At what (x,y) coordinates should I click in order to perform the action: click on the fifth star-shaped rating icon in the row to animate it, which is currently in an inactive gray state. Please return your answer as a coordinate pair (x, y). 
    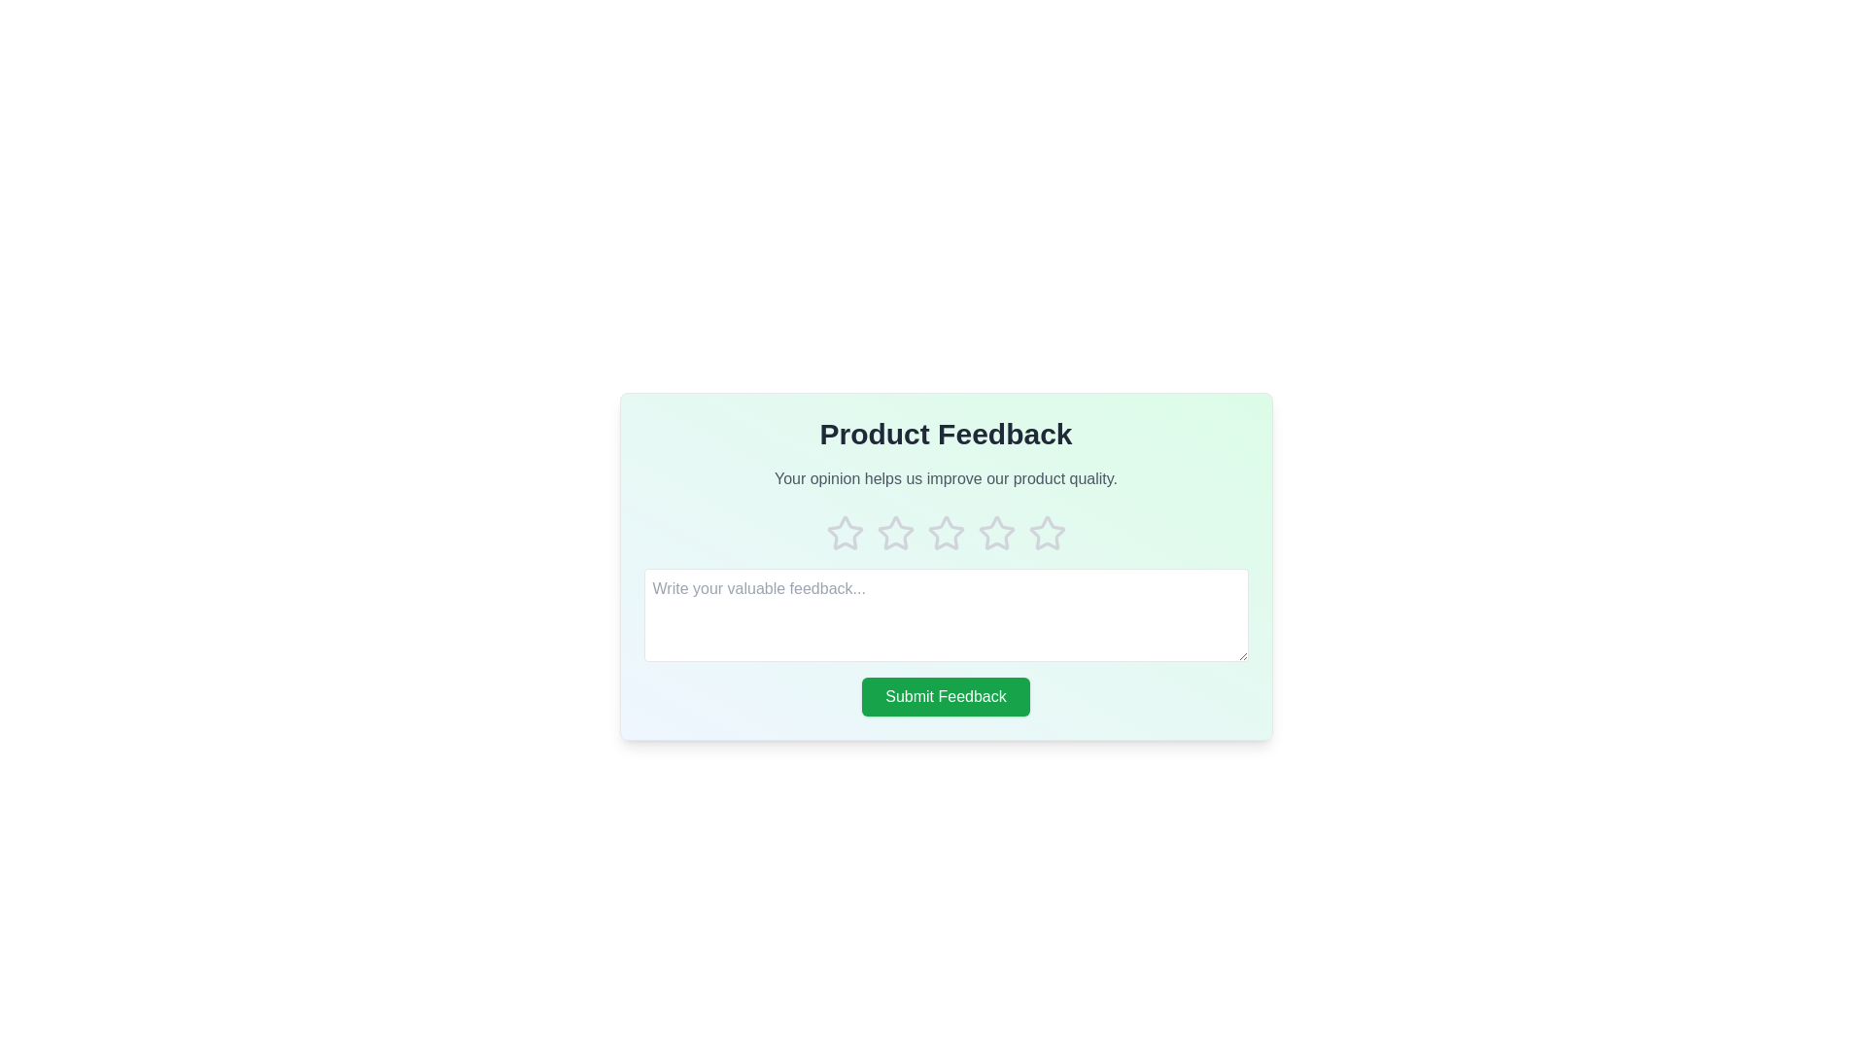
    Looking at the image, I should click on (1046, 533).